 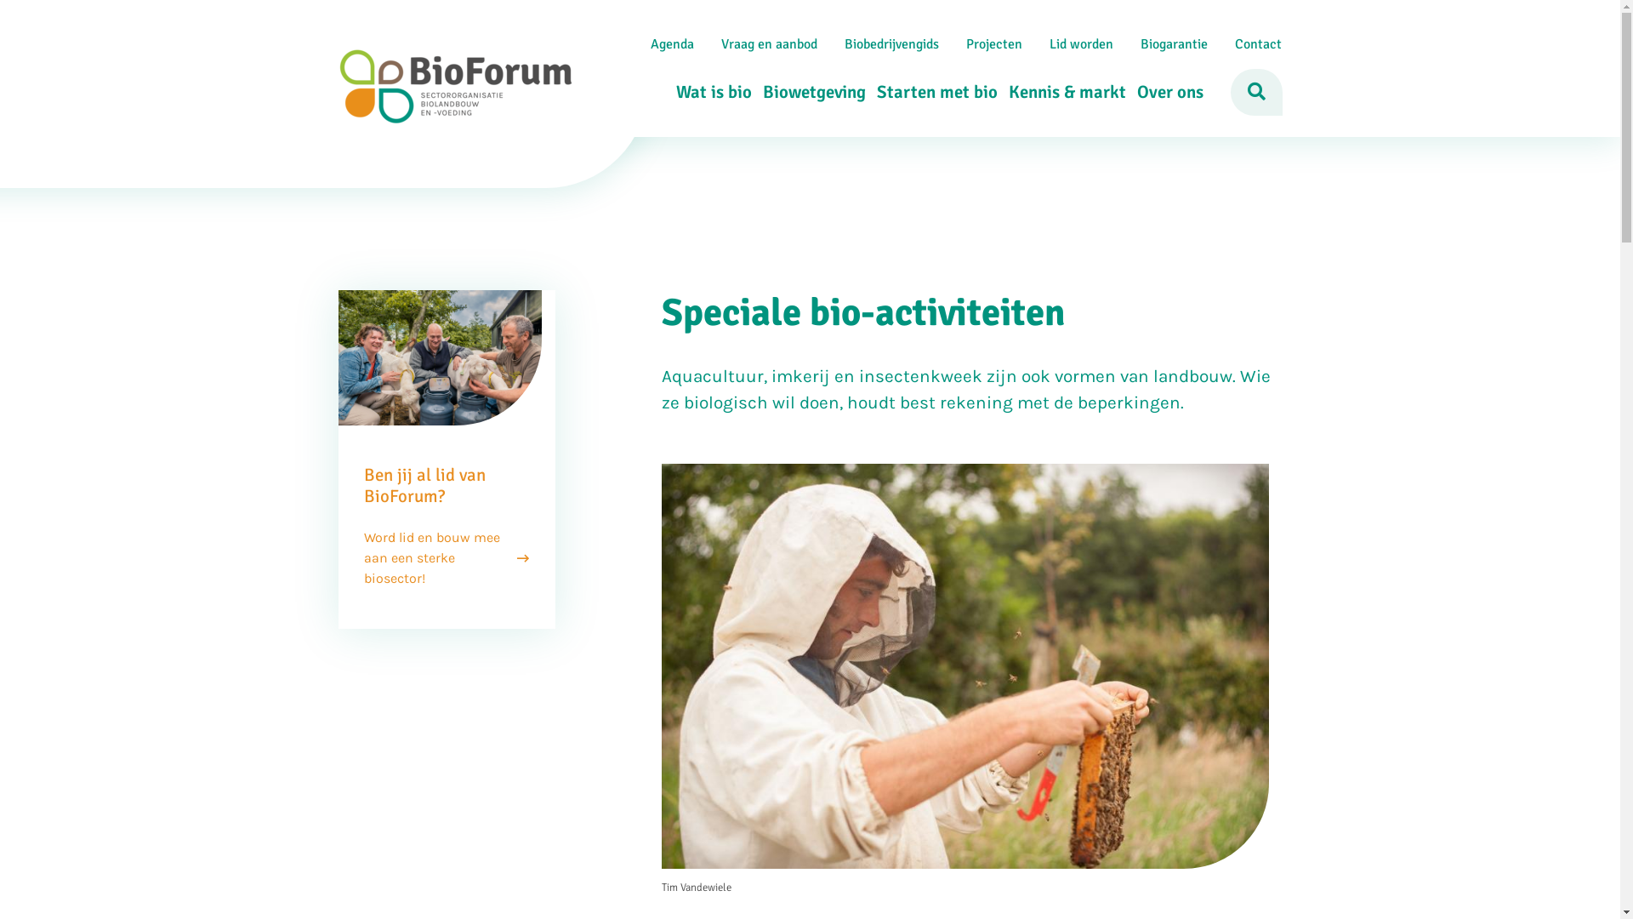 What do you see at coordinates (362, 557) in the screenshot?
I see `'Word lid en bouw mee aan een sterke biosector!'` at bounding box center [362, 557].